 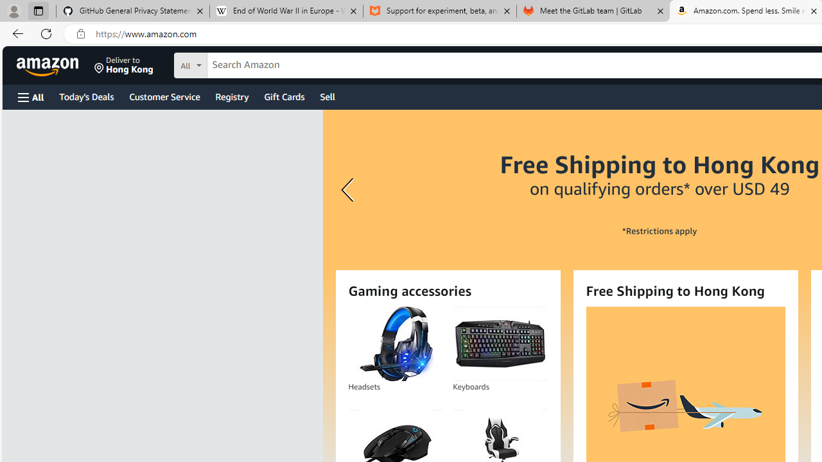 What do you see at coordinates (85, 96) in the screenshot?
I see `'Today'` at bounding box center [85, 96].